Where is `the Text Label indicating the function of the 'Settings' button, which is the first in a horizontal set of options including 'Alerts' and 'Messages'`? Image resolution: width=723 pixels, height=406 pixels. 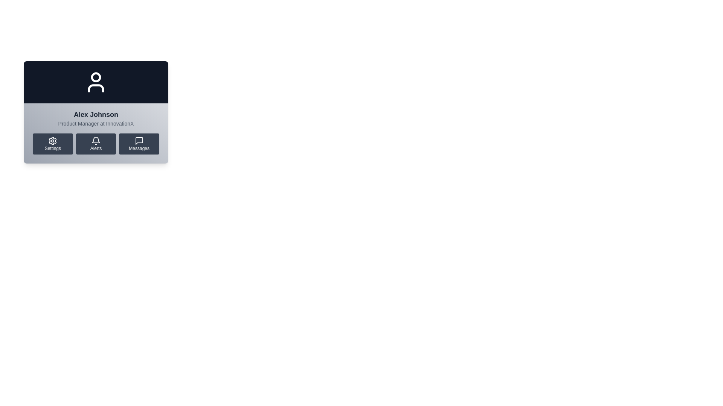 the Text Label indicating the function of the 'Settings' button, which is the first in a horizontal set of options including 'Alerts' and 'Messages' is located at coordinates (52, 148).